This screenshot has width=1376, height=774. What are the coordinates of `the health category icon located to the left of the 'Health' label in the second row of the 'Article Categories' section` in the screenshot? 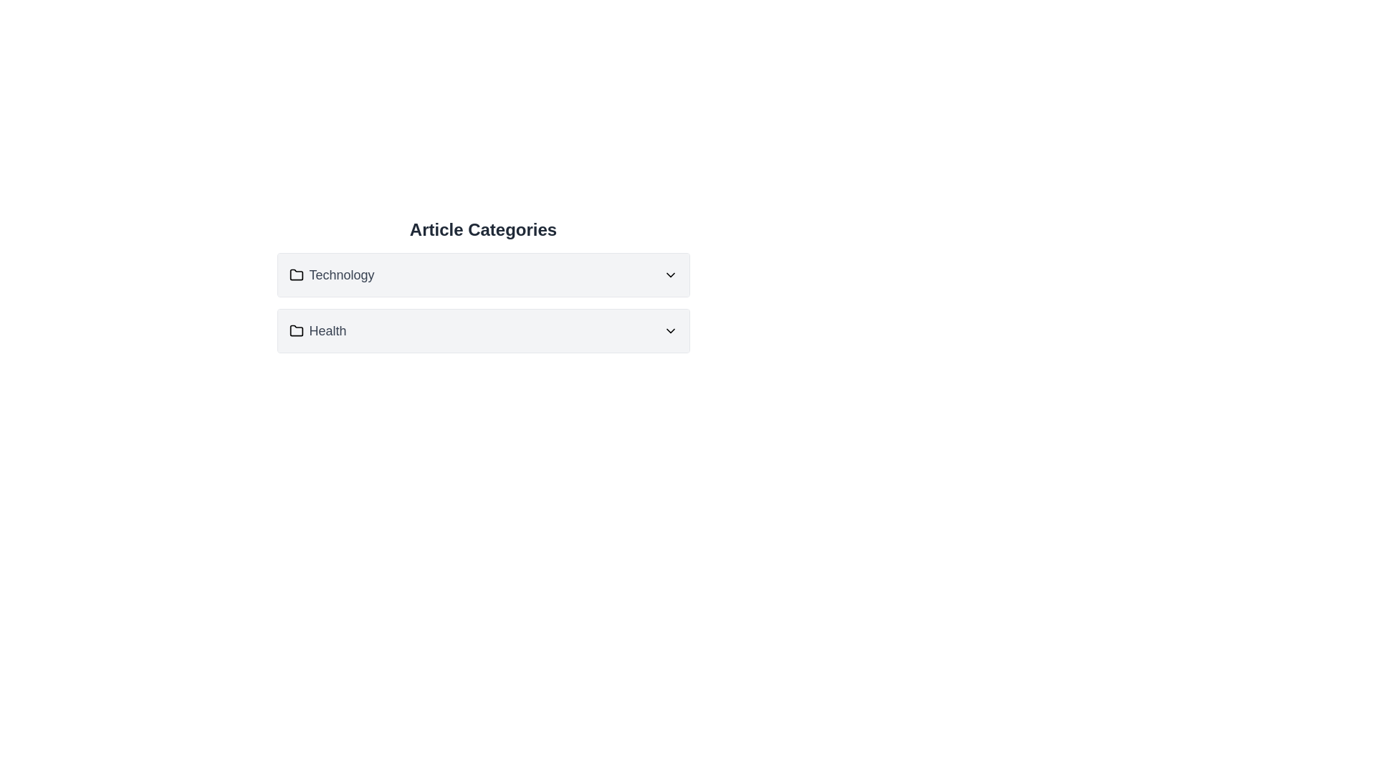 It's located at (295, 330).